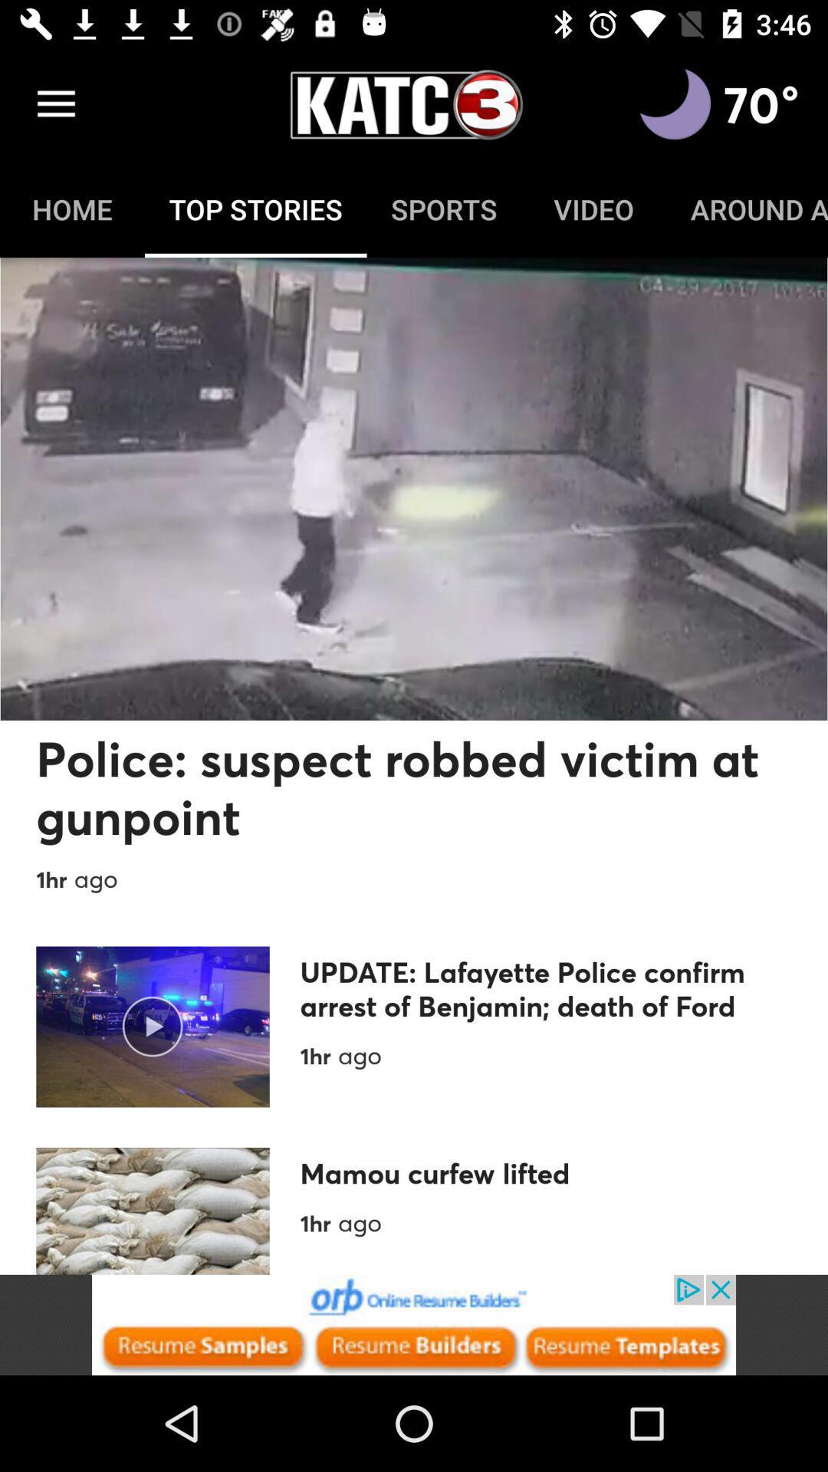 The width and height of the screenshot is (828, 1472). Describe the element at coordinates (414, 1324) in the screenshot. I see `advertisement` at that location.